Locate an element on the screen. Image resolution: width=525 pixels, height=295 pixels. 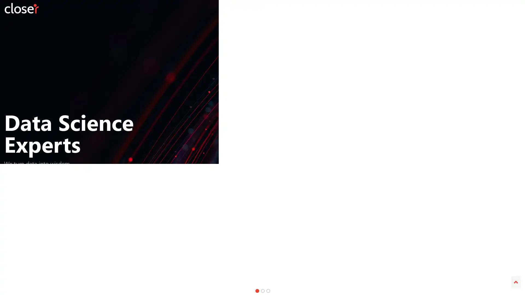
Discover our successful path is located at coordinates (260, 178).